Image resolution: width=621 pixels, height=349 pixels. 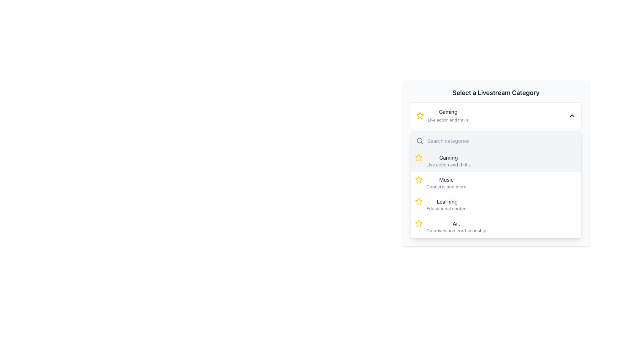 What do you see at coordinates (446, 183) in the screenshot?
I see `the second list item in the 'Select a Livestream Category' panel, which reads 'Music' and 'Concerts and more'` at bounding box center [446, 183].